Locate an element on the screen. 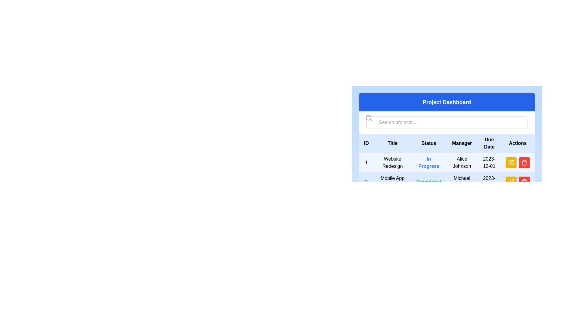 This screenshot has width=580, height=326. the pen-shaped icon located in the 'Actions' column of the first row in the table is located at coordinates (511, 161).